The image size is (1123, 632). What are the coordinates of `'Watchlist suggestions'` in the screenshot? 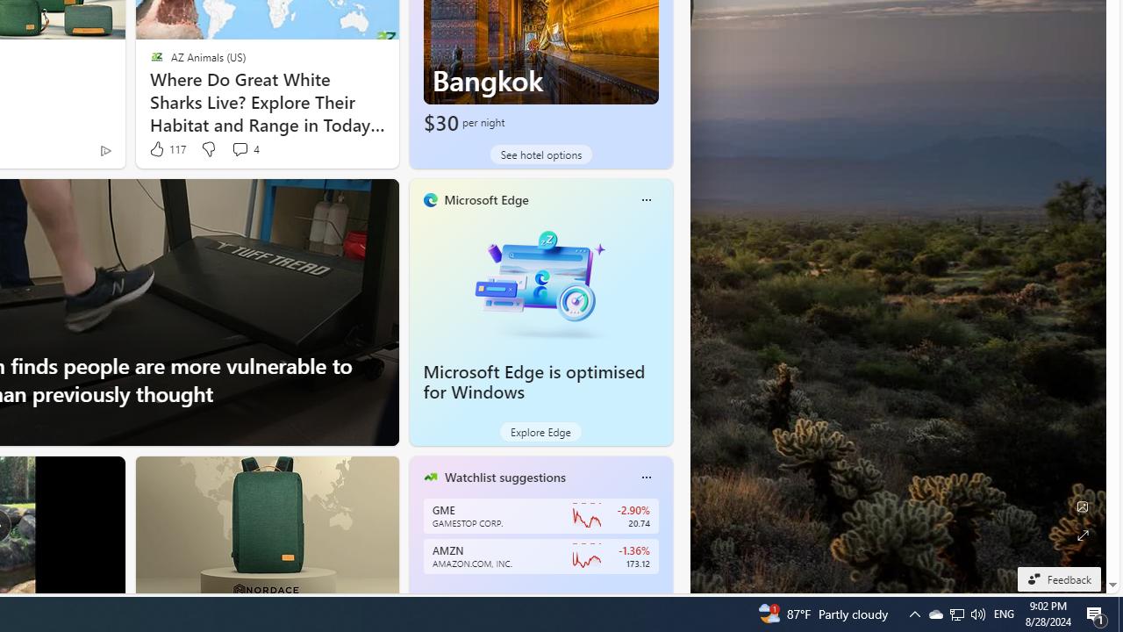 It's located at (504, 477).